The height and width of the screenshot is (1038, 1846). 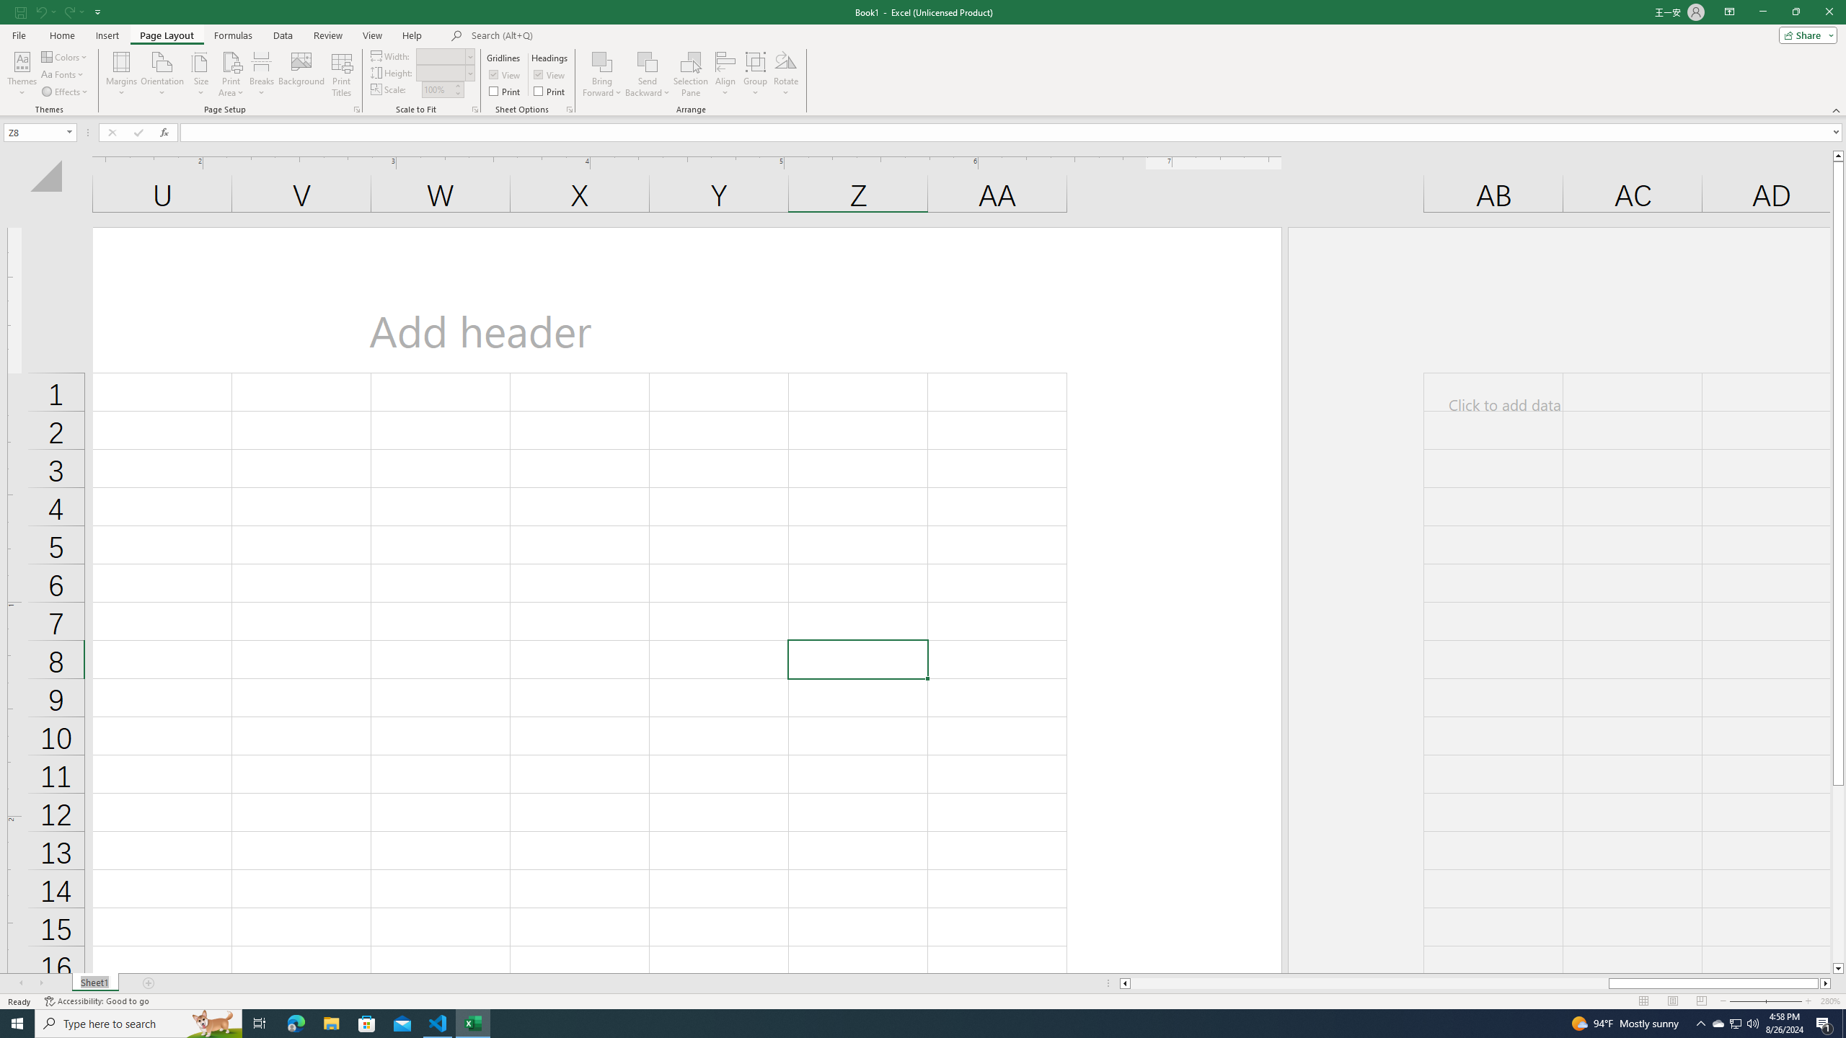 I want to click on 'Print Titles', so click(x=340, y=74).